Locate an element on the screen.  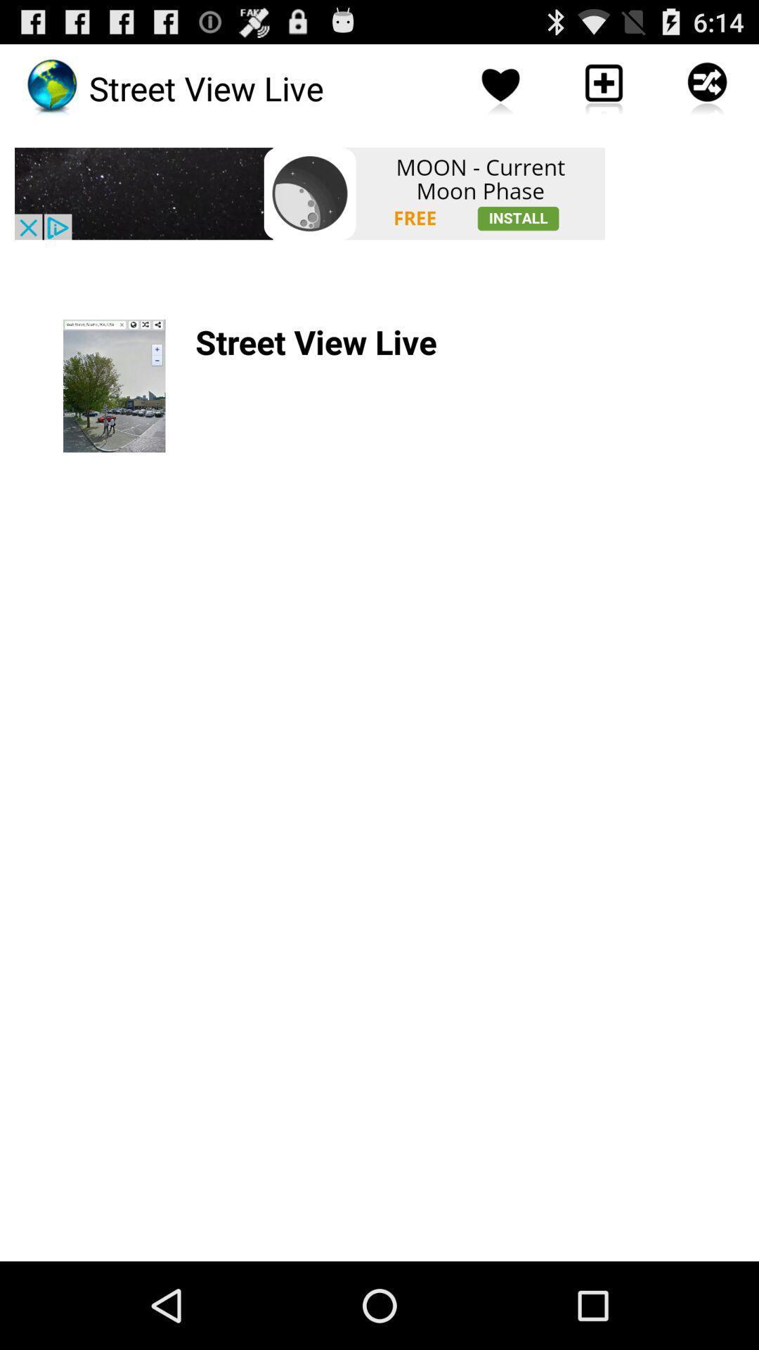
advertisement is located at coordinates (309, 193).